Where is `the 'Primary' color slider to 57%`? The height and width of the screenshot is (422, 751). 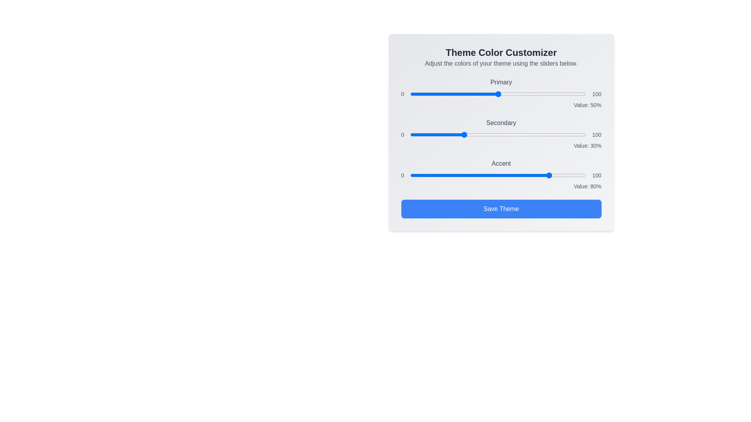
the 'Primary' color slider to 57% is located at coordinates (510, 93).